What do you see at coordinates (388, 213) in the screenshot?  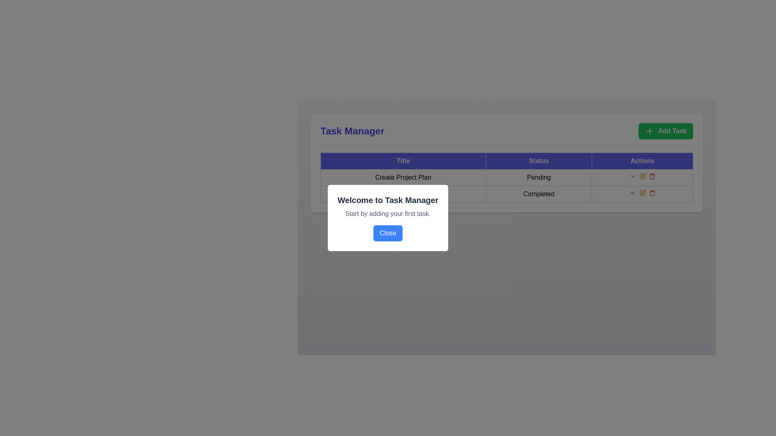 I see `the static text label that provides guidance for adding the first task in the Task Manager, located below the title 'Welcome to Task Manager' and above the 'Close' button` at bounding box center [388, 213].